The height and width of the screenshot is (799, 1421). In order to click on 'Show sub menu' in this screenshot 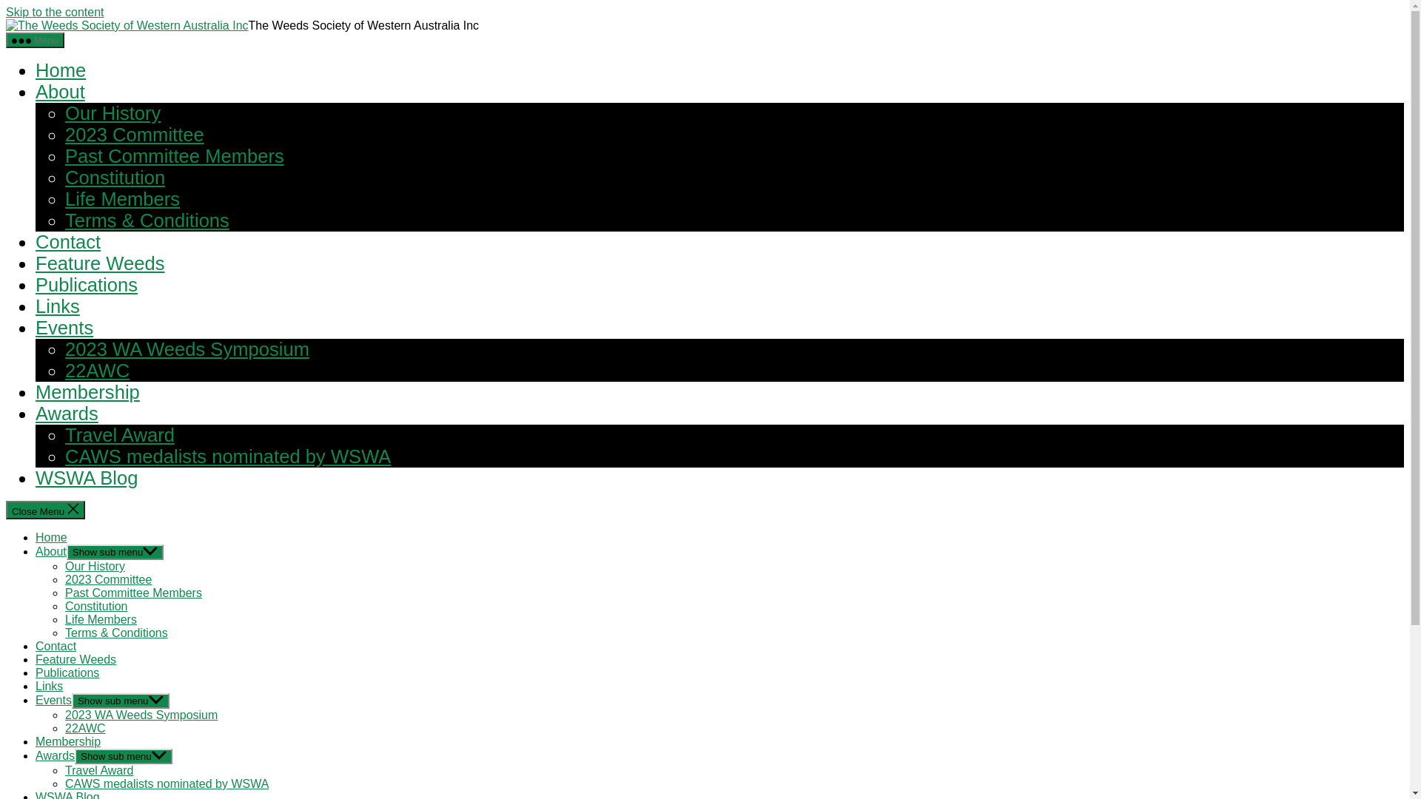, I will do `click(124, 756)`.